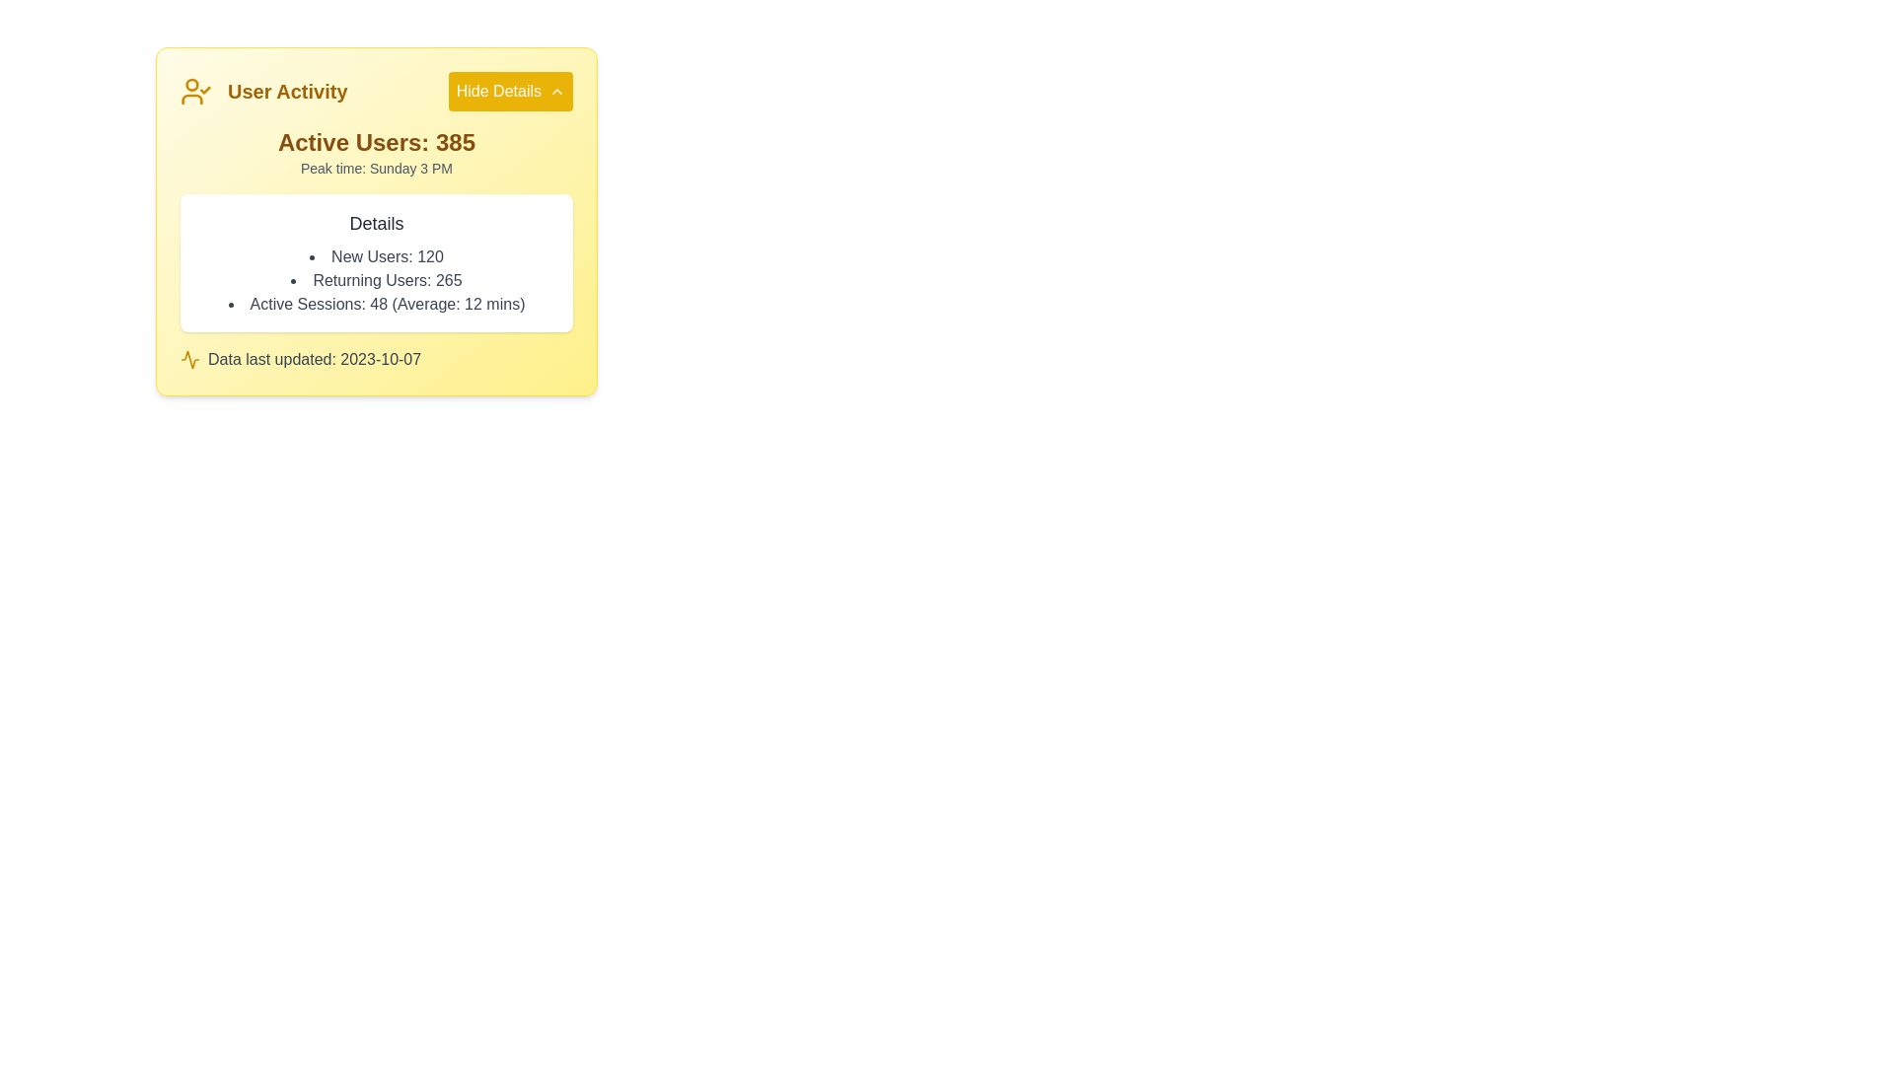  What do you see at coordinates (510, 91) in the screenshot?
I see `the rounded rectangular yellow button labeled 'Hide Details' located in the top-right part of the 'User Activity' card` at bounding box center [510, 91].